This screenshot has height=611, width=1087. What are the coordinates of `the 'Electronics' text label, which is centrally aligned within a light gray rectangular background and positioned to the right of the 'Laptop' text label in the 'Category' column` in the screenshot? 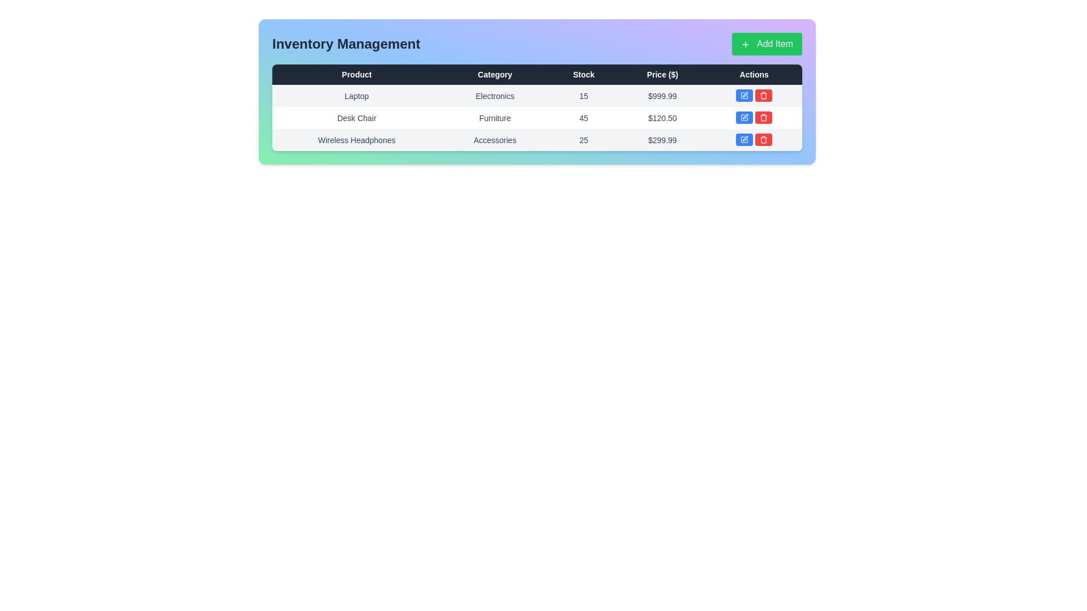 It's located at (495, 95).